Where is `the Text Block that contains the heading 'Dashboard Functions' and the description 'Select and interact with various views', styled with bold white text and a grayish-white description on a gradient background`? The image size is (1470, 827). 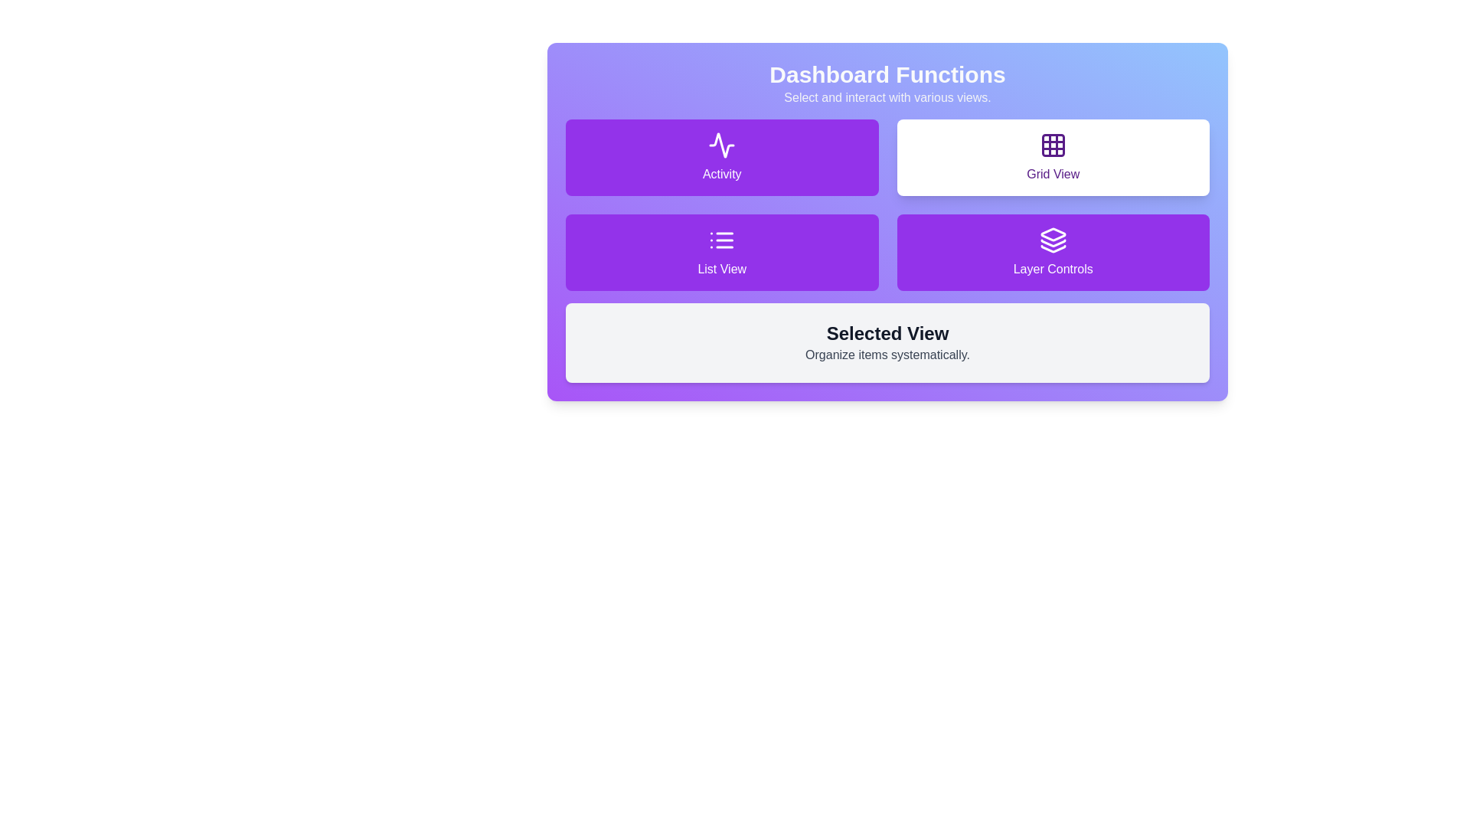
the Text Block that contains the heading 'Dashboard Functions' and the description 'Select and interact with various views', styled with bold white text and a grayish-white description on a gradient background is located at coordinates (887, 84).